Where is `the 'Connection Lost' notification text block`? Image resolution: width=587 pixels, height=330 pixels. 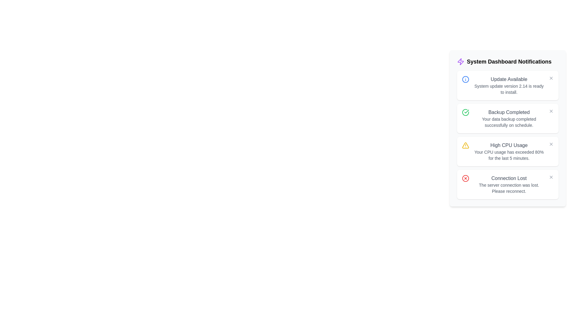 the 'Connection Lost' notification text block is located at coordinates (509, 184).